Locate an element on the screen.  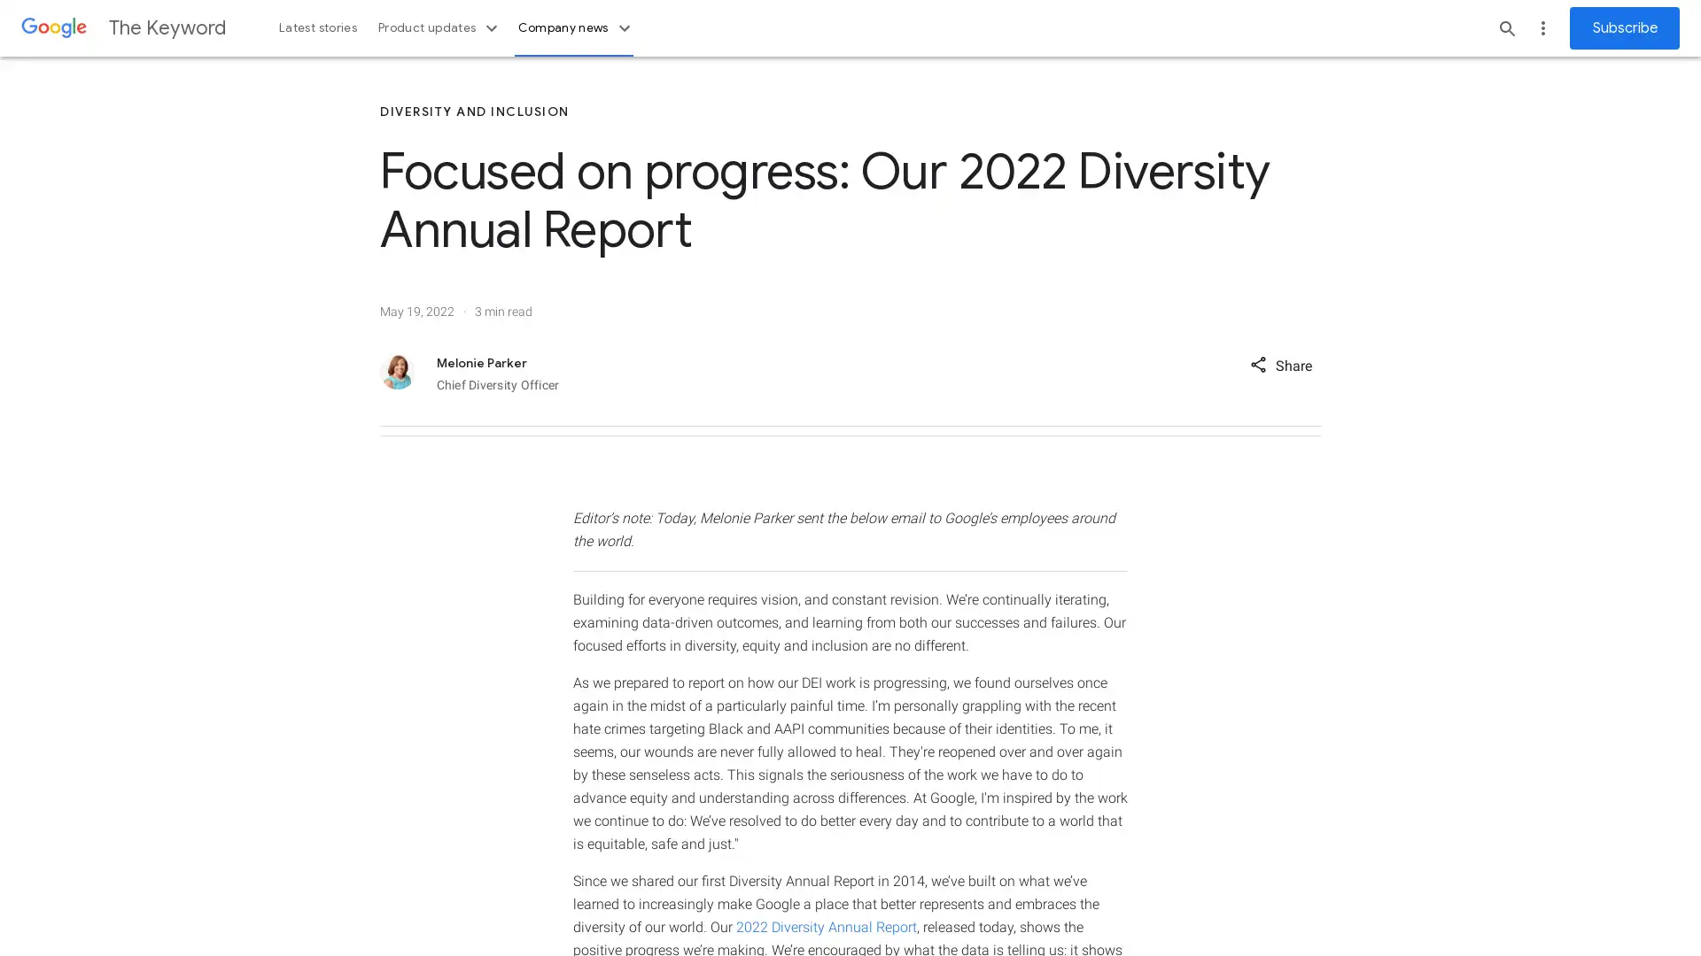
Newsletter subscribe is located at coordinates (1624, 27).